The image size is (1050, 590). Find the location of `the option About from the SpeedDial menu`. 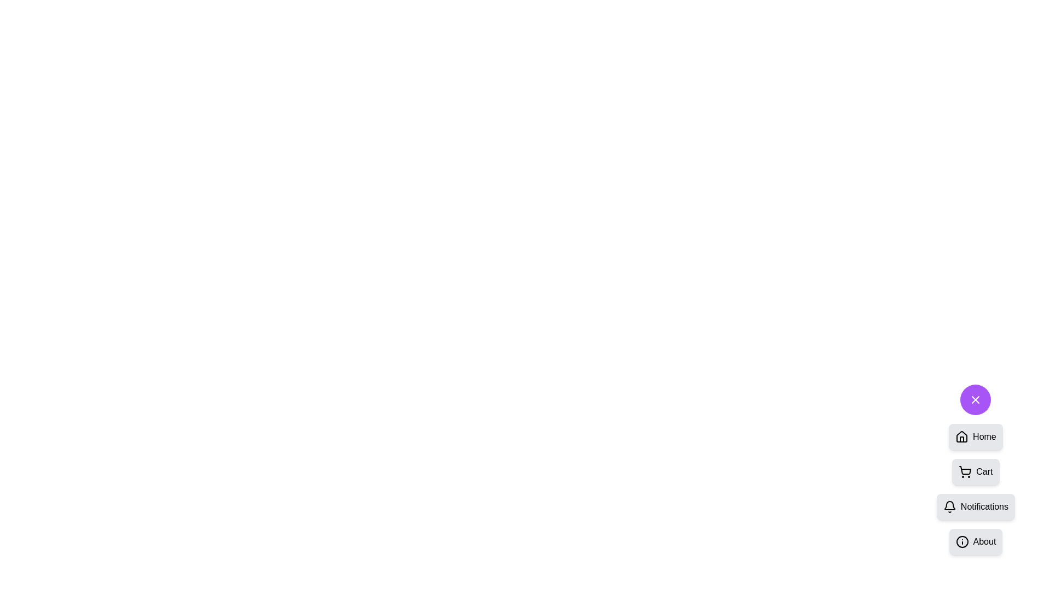

the option About from the SpeedDial menu is located at coordinates (976, 541).